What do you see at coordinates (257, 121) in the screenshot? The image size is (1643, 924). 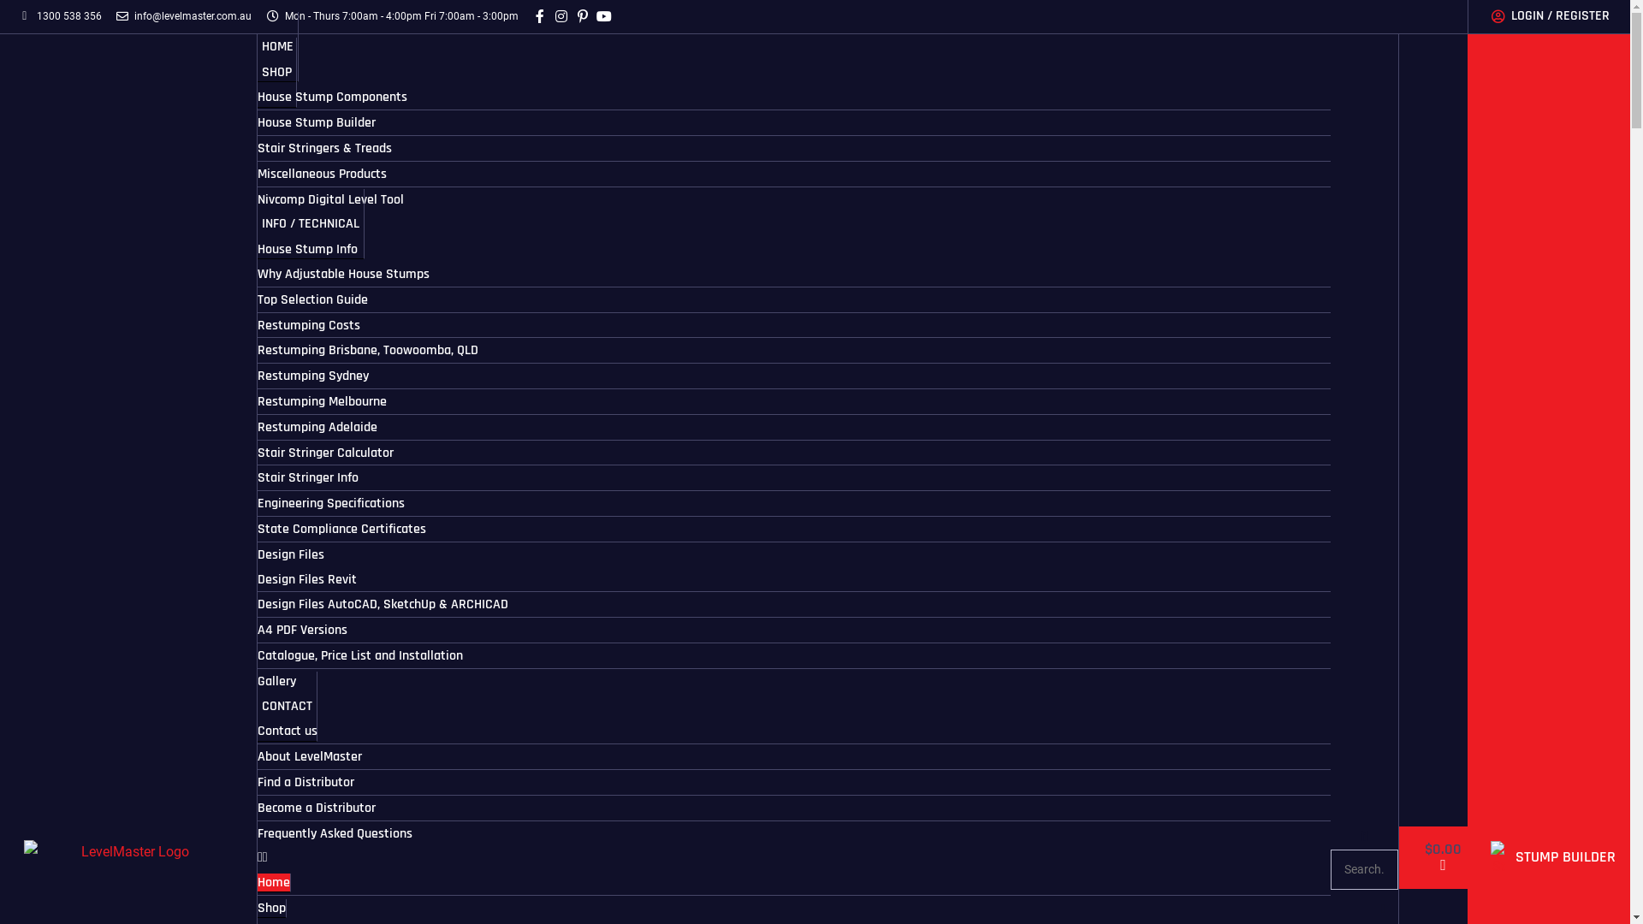 I see `'House Stump Builder'` at bounding box center [257, 121].